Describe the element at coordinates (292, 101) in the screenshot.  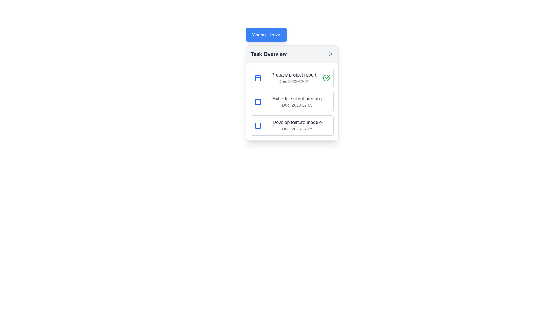
I see `the second task item` at that location.